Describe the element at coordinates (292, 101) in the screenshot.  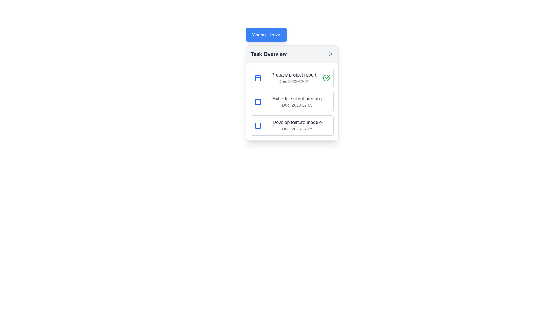
I see `the second task item` at that location.